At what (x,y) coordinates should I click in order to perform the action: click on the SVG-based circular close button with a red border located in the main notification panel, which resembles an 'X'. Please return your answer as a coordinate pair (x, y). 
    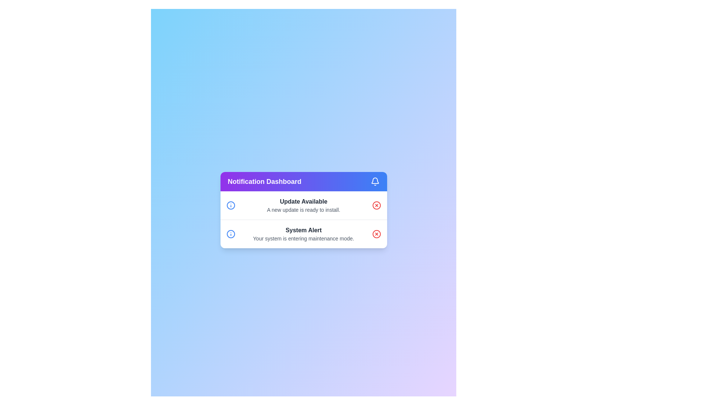
    Looking at the image, I should click on (376, 205).